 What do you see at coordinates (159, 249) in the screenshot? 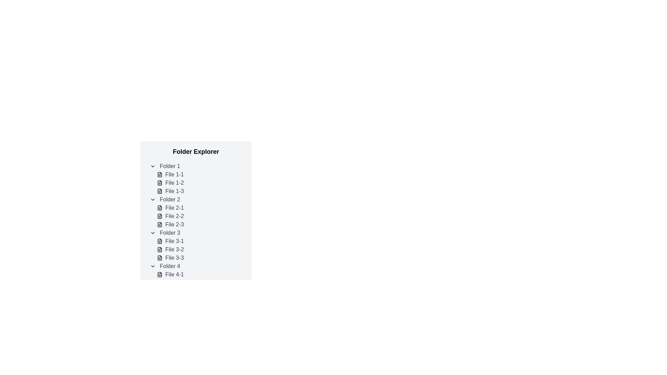
I see `the small file icon located in the file listing under 'Folder 3', positioned directly to the left of the label 'File 3-2'` at bounding box center [159, 249].